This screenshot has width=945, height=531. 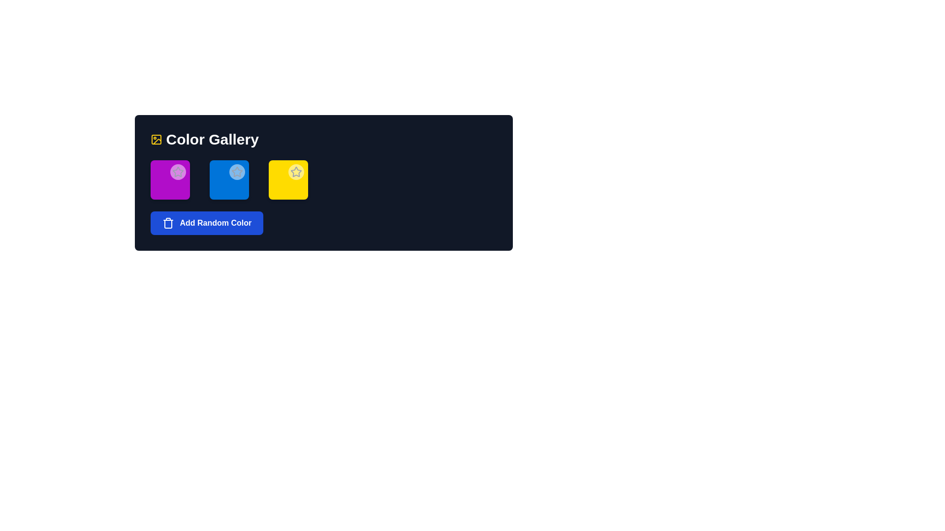 I want to click on the star rating icon located in the top-right corner of the yellow box within the gallery section, so click(x=295, y=172).